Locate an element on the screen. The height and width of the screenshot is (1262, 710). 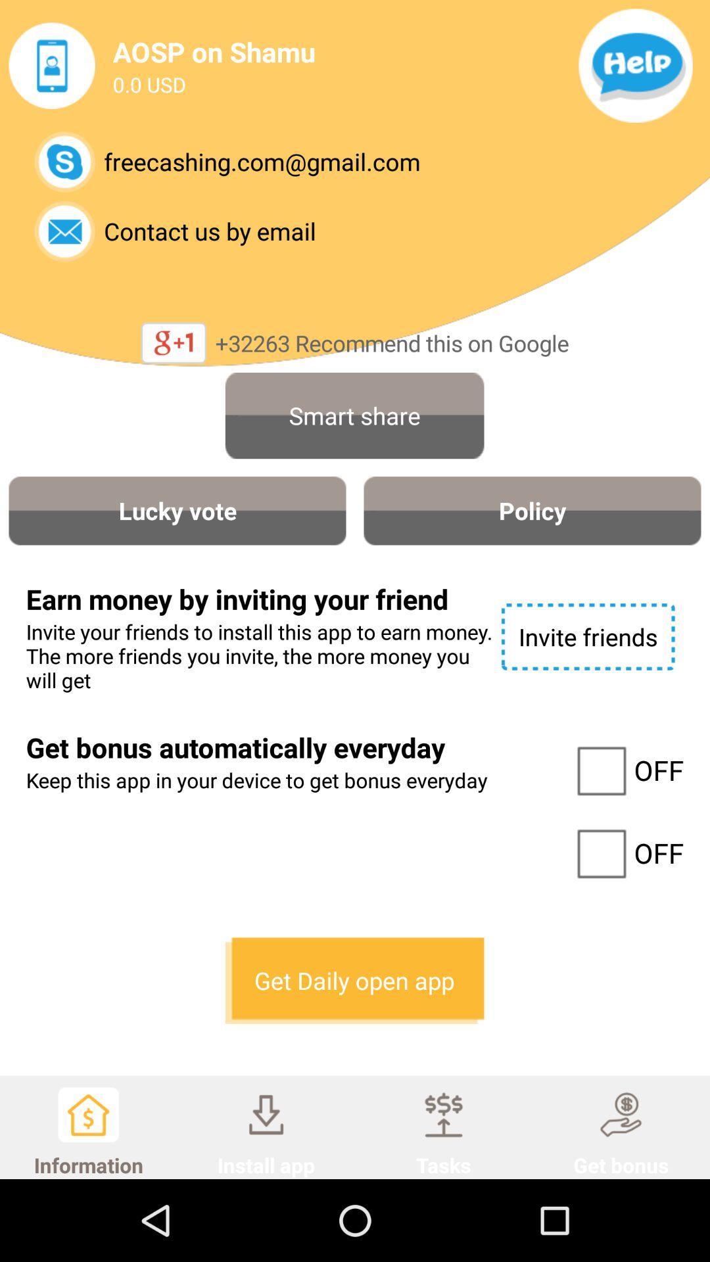
email company is located at coordinates (64, 231).